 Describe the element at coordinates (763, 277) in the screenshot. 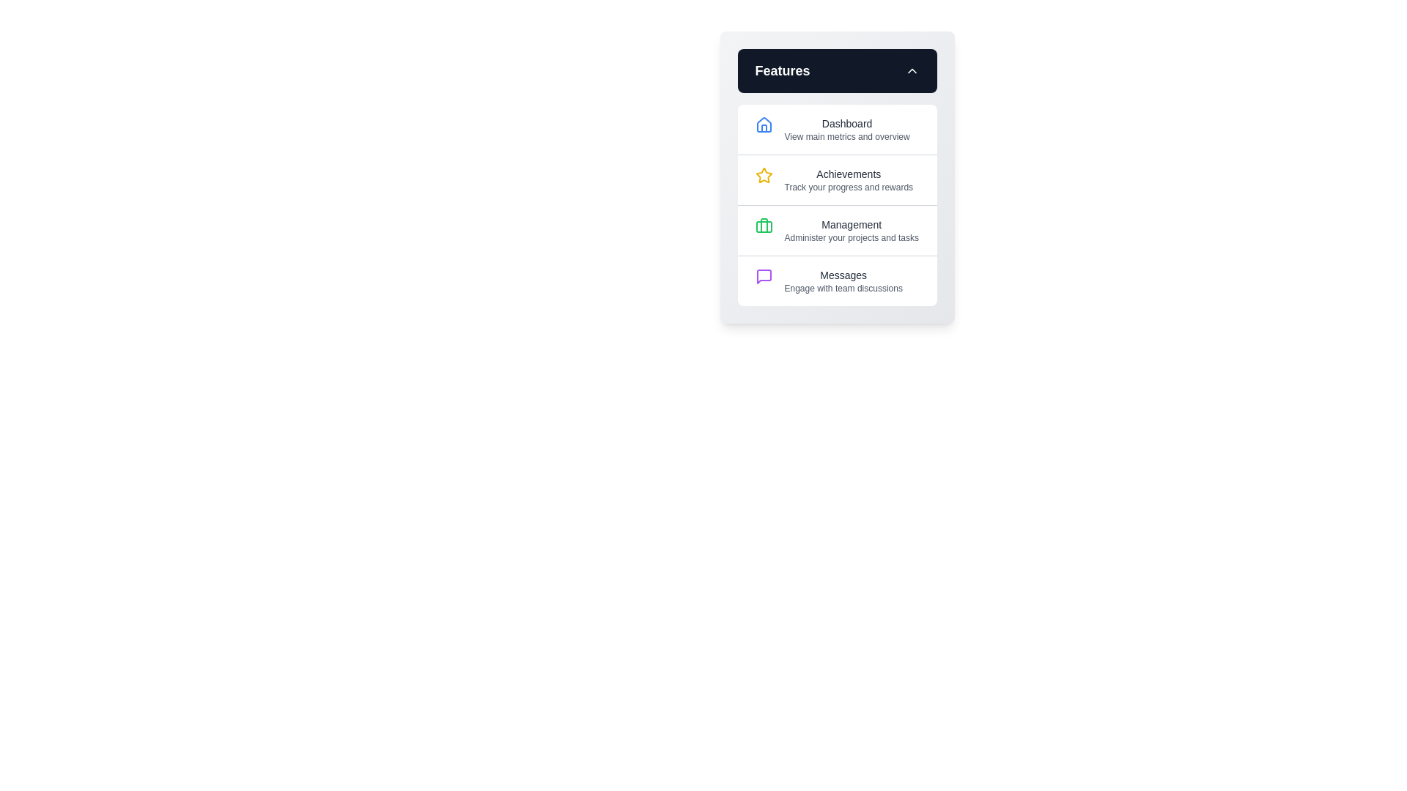

I see `the purple balloon-like speech bubble icon next to the 'Messages' text in the 'Features' section of the navigation menu` at that location.